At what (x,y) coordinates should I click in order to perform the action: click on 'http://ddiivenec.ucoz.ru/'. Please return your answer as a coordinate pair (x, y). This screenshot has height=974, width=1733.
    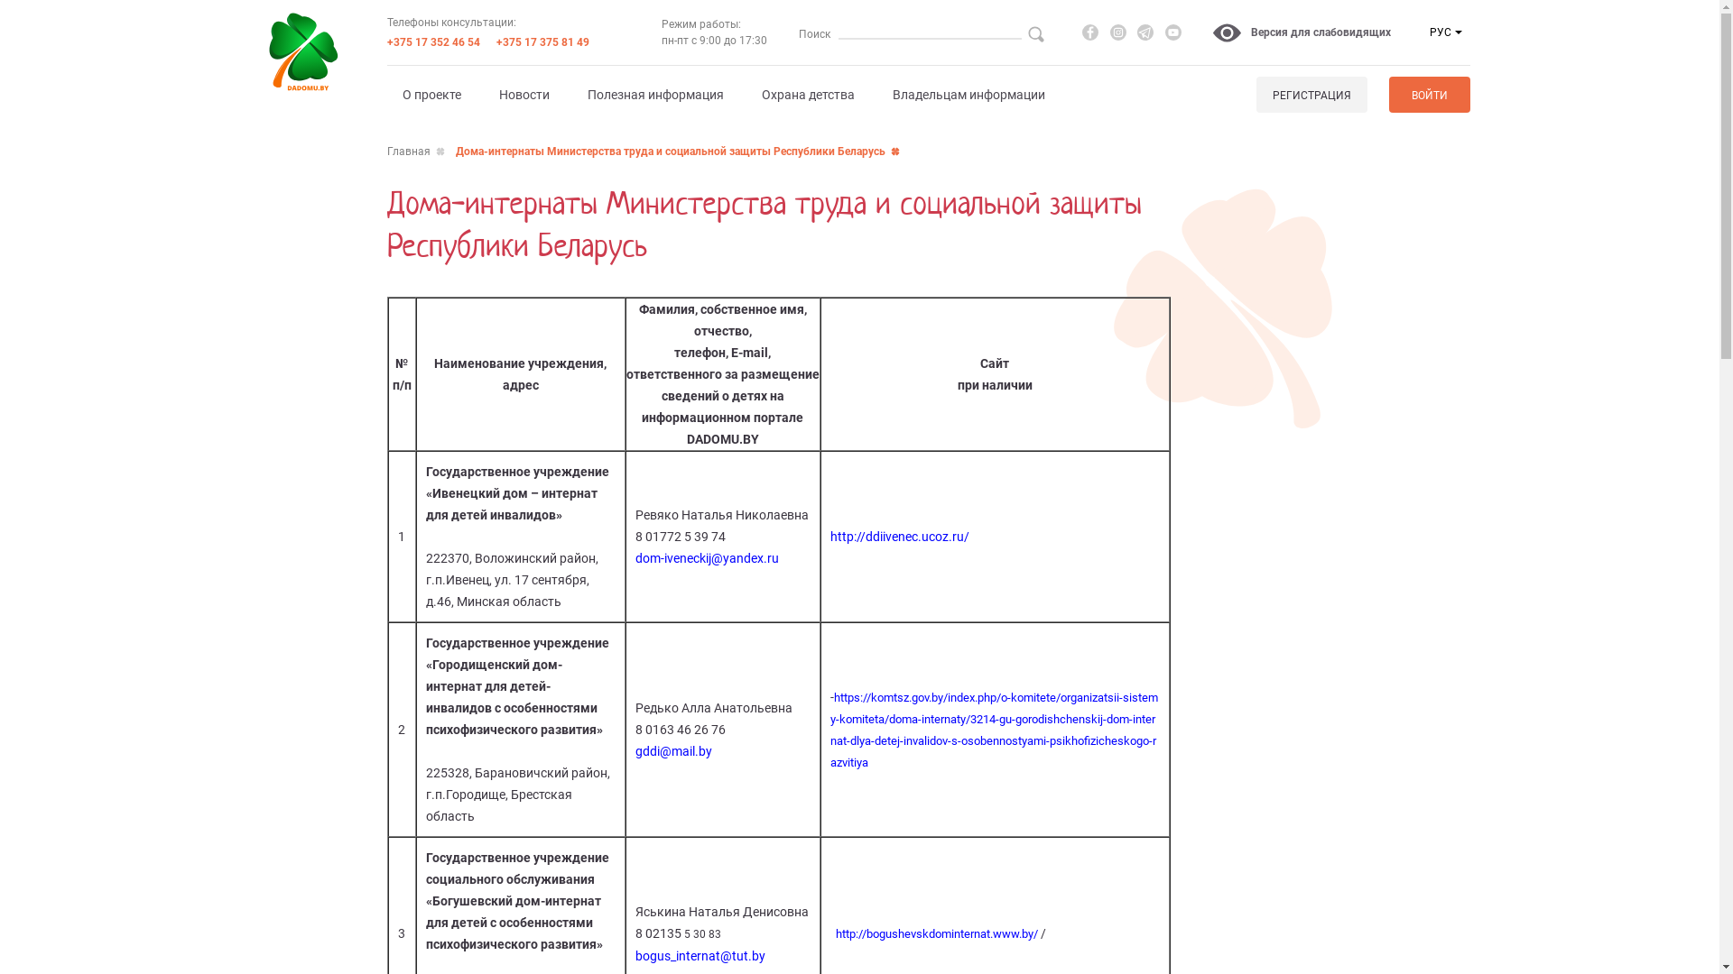
    Looking at the image, I should click on (900, 535).